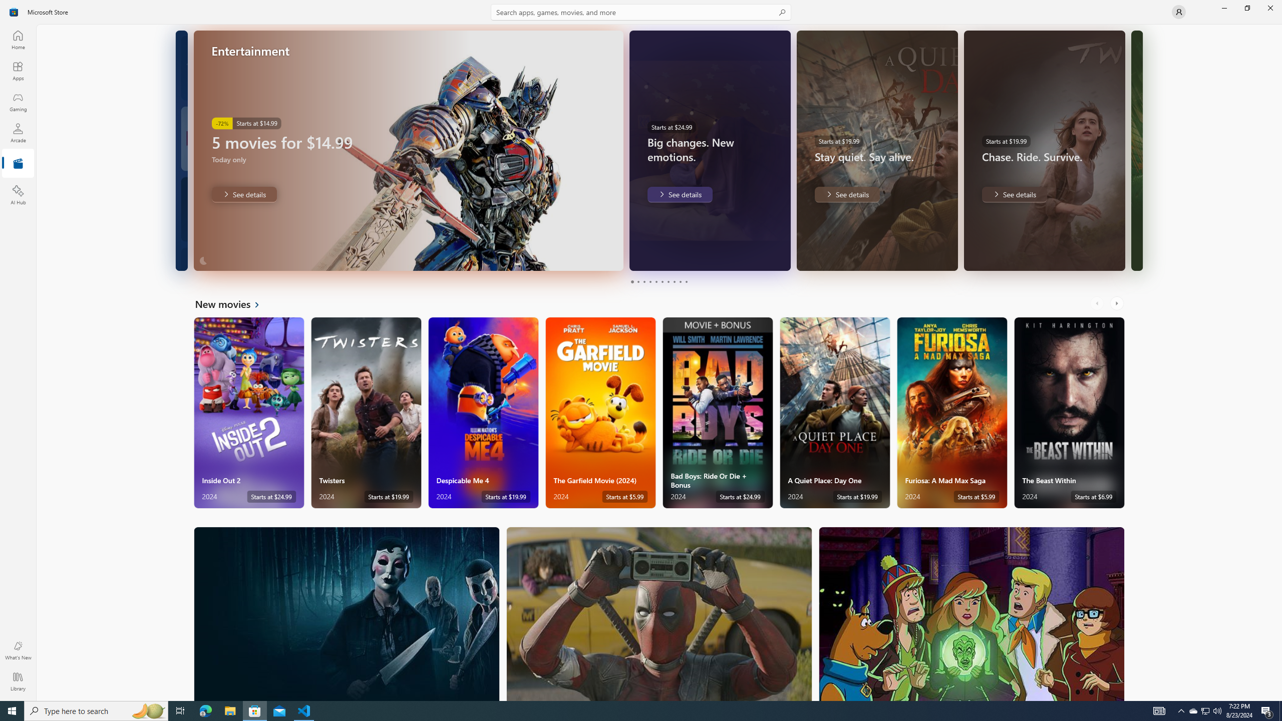  I want to click on 'The Garfield Movie (2024). Starts at $5.99  ', so click(600, 413).